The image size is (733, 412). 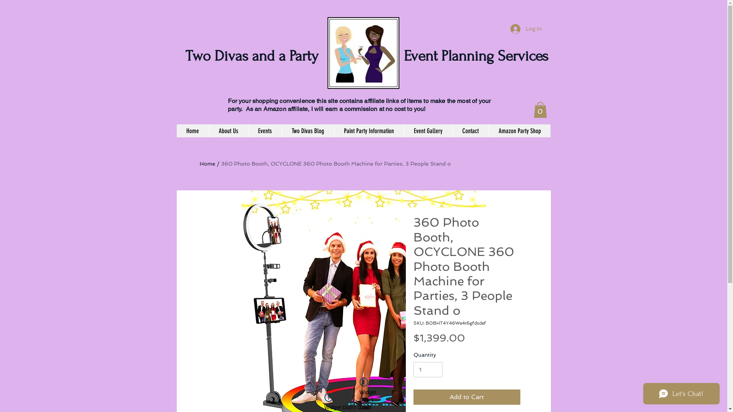 What do you see at coordinates (368, 130) in the screenshot?
I see `'Paint Party Information'` at bounding box center [368, 130].